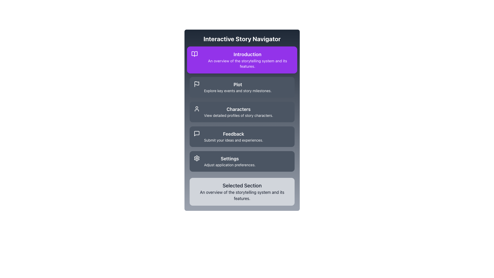  Describe the element at coordinates (230, 161) in the screenshot. I see `the 'Settings' Labeled Section, which is the fifth option in the vertical list of selectable sections, styled with a larger semibold title and a smaller subtitle` at that location.